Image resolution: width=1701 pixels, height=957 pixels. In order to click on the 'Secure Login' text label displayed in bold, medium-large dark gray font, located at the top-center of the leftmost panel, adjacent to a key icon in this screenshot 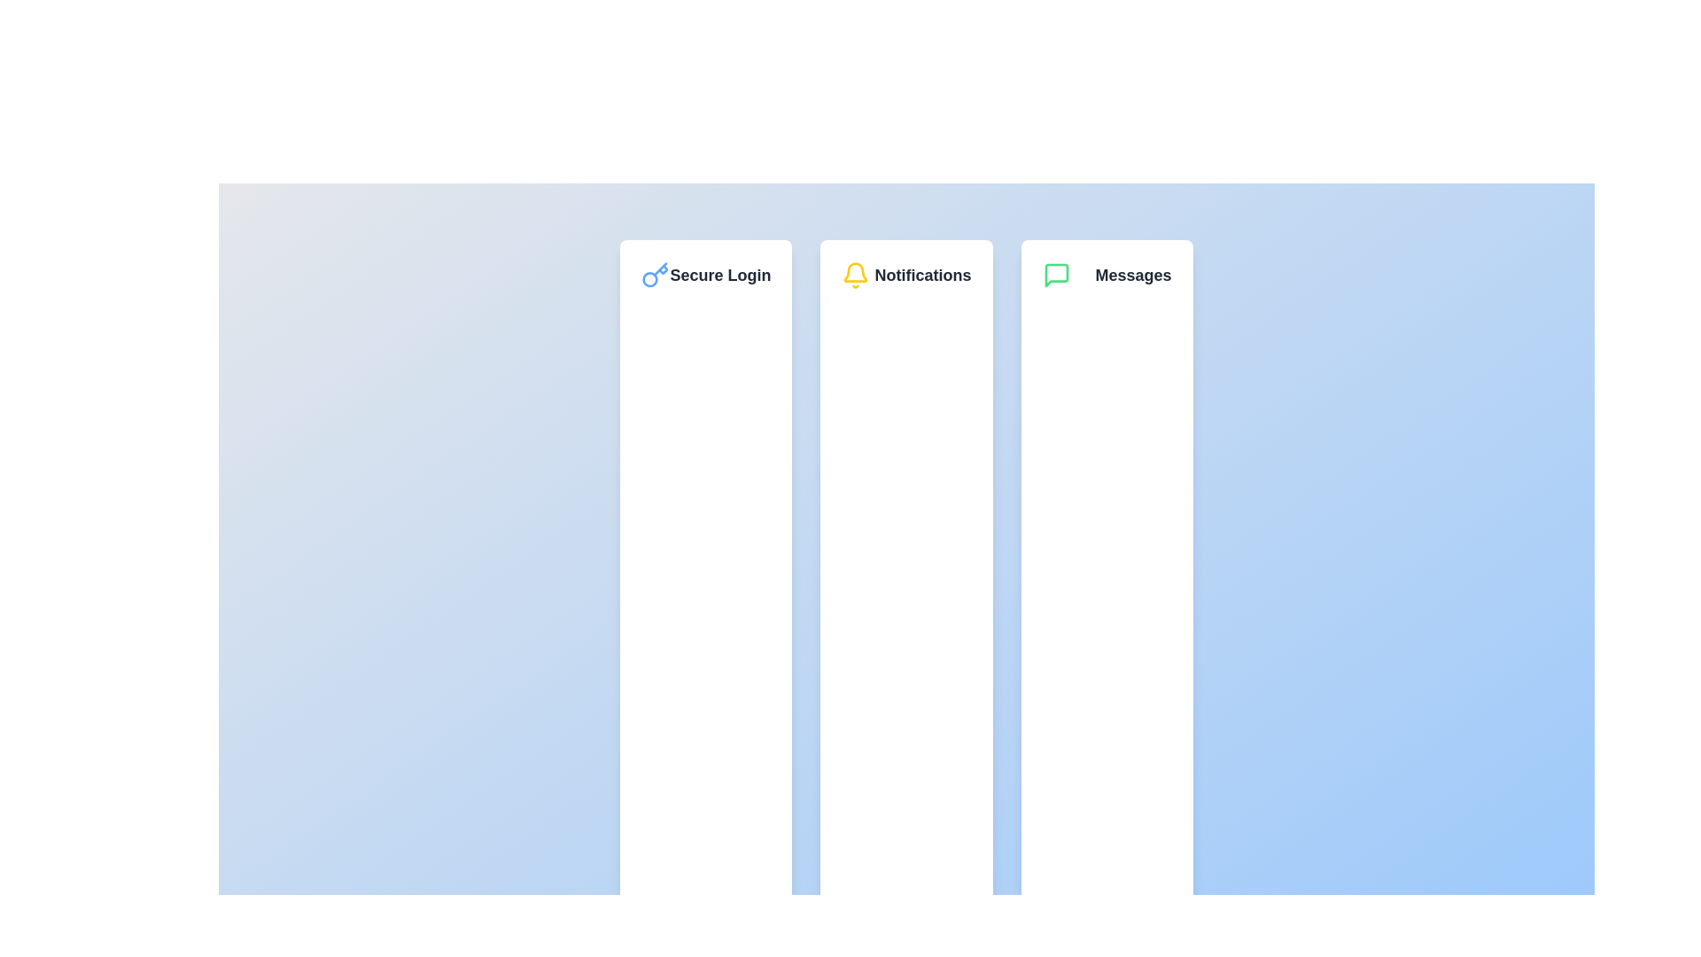, I will do `click(720, 276)`.